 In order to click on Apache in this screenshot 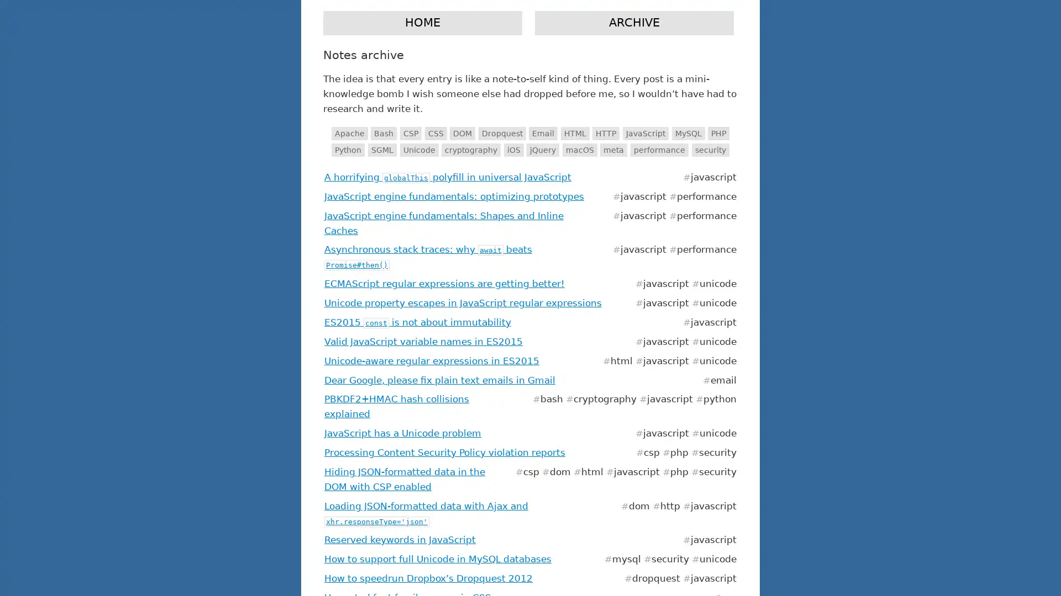, I will do `click(349, 133)`.